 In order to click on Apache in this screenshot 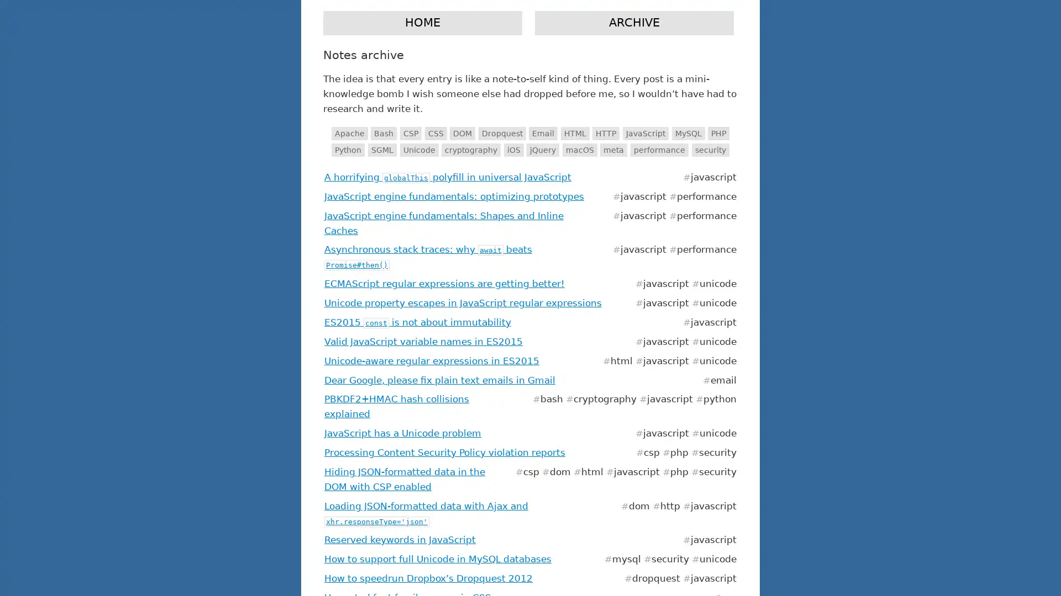, I will do `click(349, 133)`.